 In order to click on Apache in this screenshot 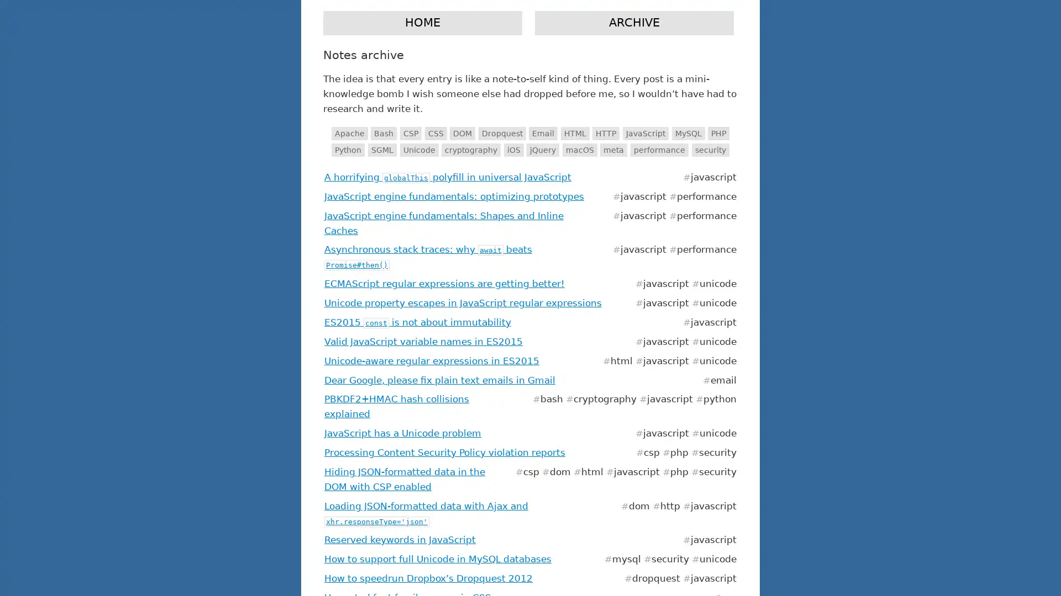, I will do `click(349, 133)`.